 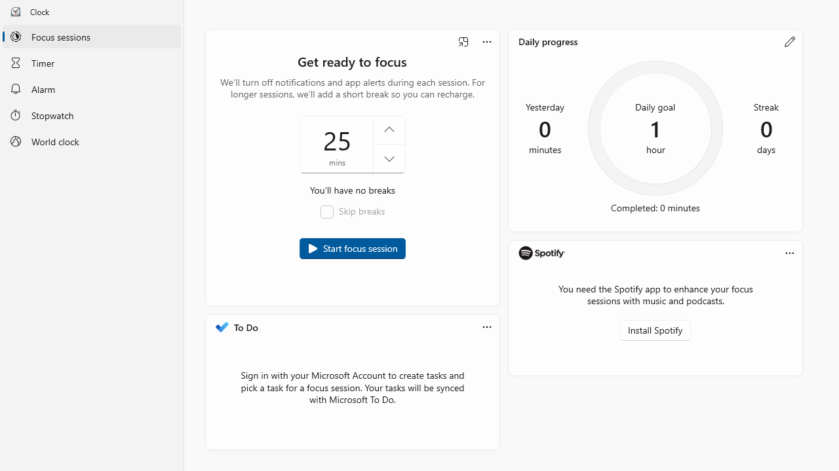 I want to click on 'Install Spotify', so click(x=655, y=330).